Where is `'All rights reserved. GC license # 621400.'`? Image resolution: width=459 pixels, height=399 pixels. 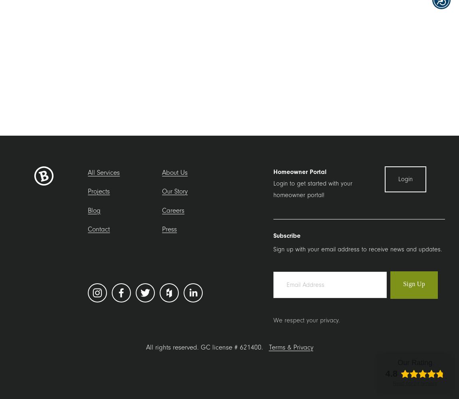
'All rights reserved. GC license # 621400.' is located at coordinates (207, 346).